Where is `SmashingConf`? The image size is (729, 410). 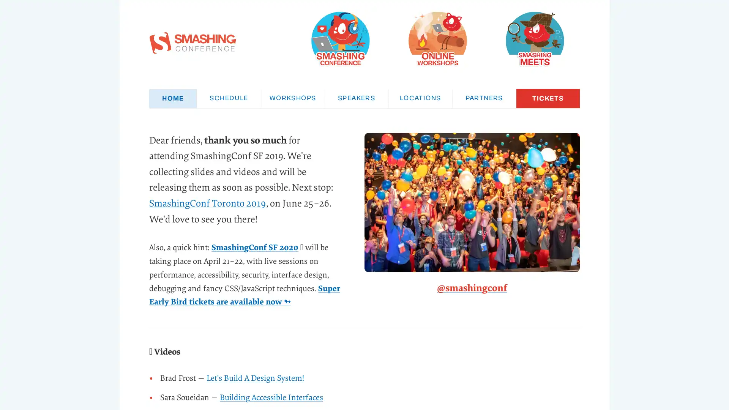 SmashingConf is located at coordinates (340, 38).